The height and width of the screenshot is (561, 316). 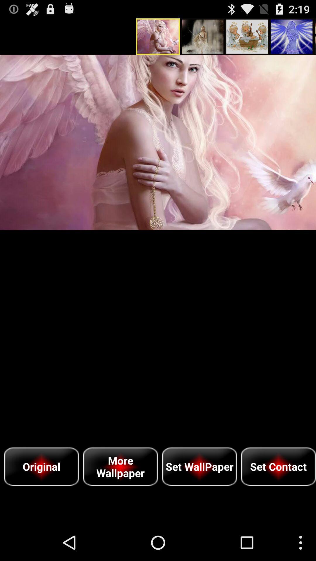 I want to click on the item to the right of original item, so click(x=120, y=466).